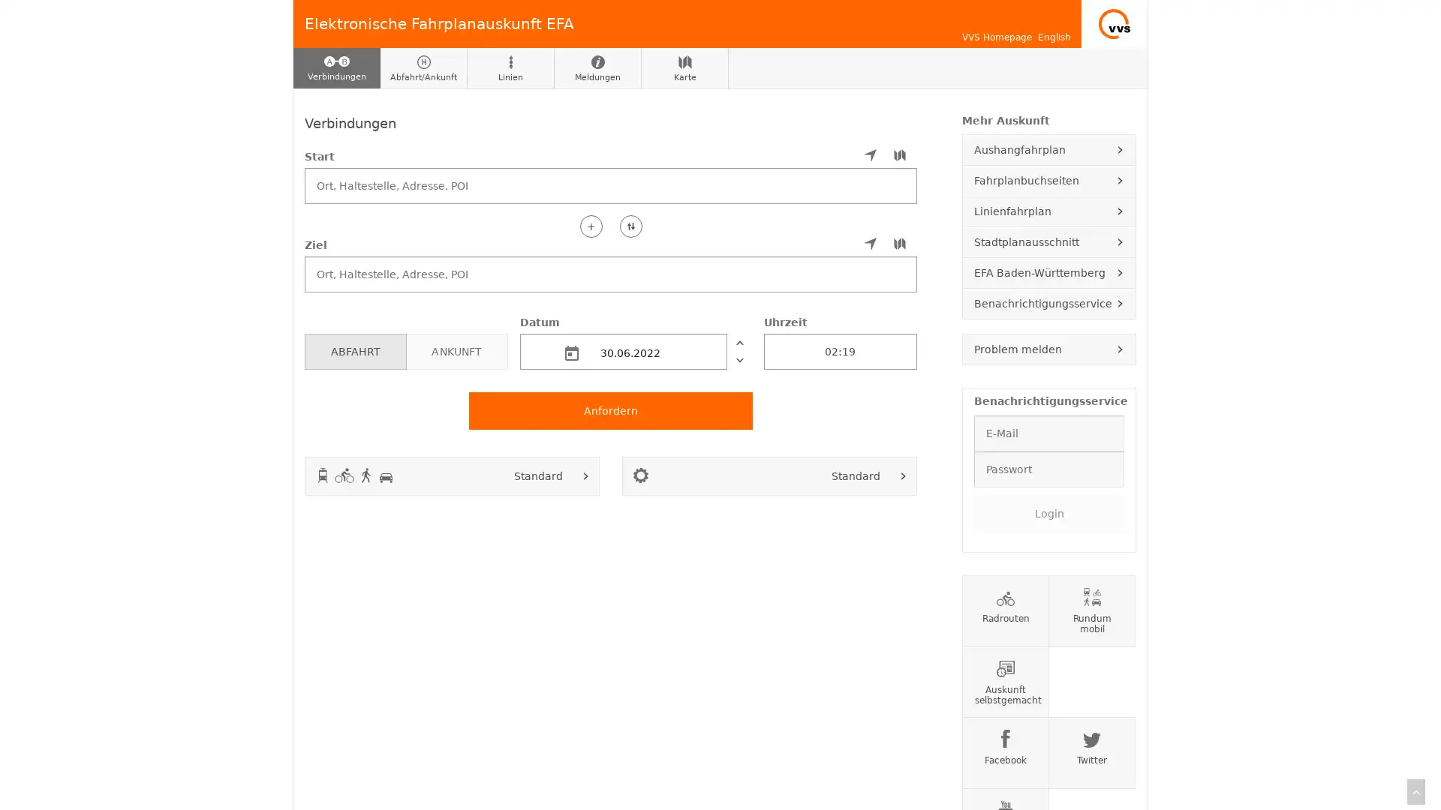 This screenshot has width=1441, height=810. Describe the element at coordinates (354, 350) in the screenshot. I see `ABFAHRT` at that location.